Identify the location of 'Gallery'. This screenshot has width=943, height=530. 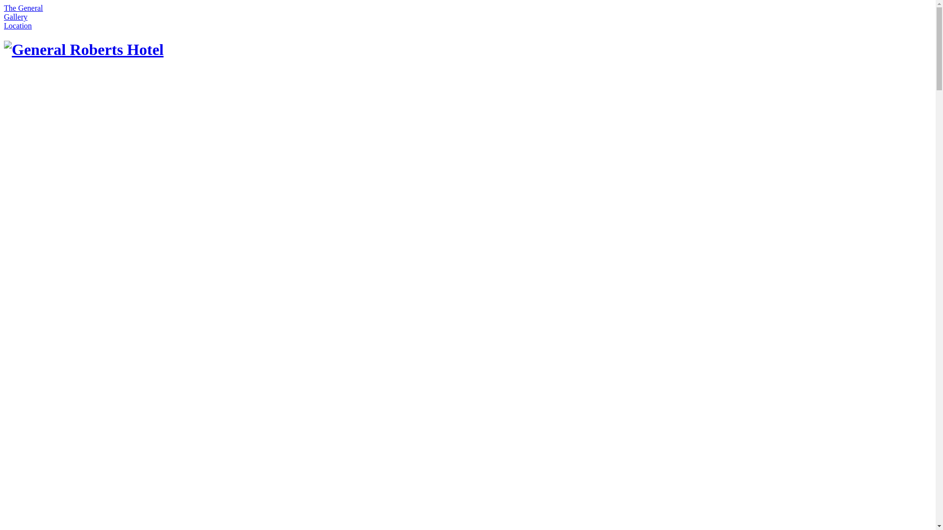
(16, 17).